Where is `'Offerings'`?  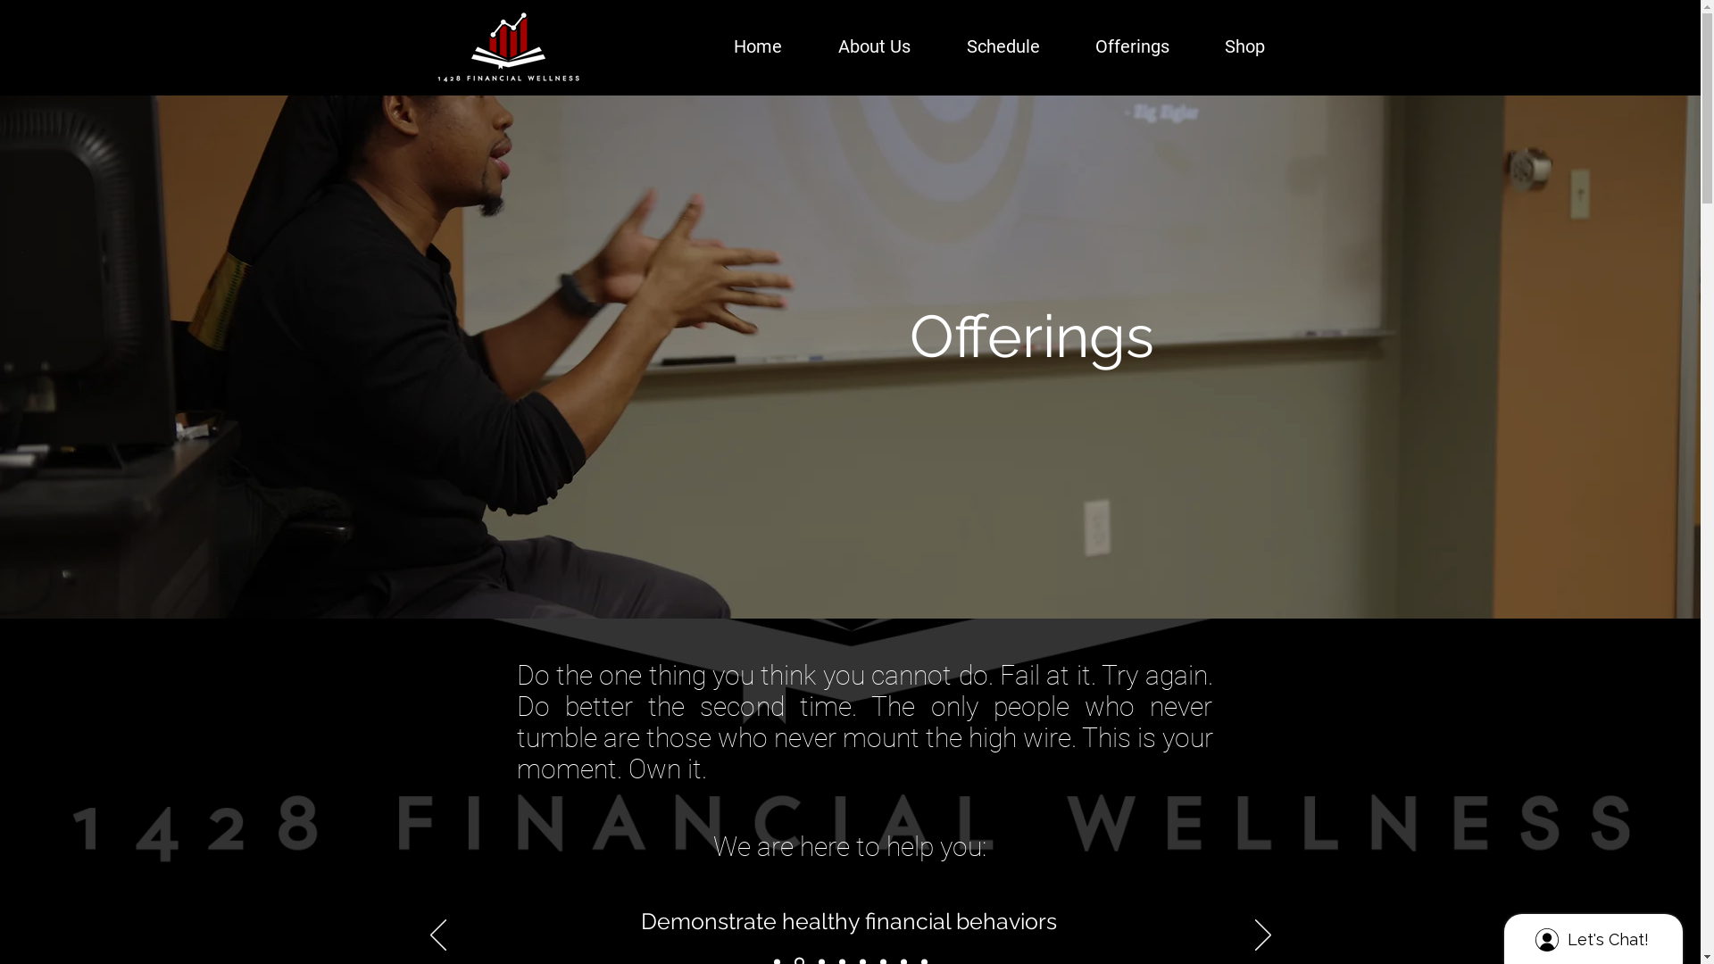 'Offerings' is located at coordinates (1111, 46).